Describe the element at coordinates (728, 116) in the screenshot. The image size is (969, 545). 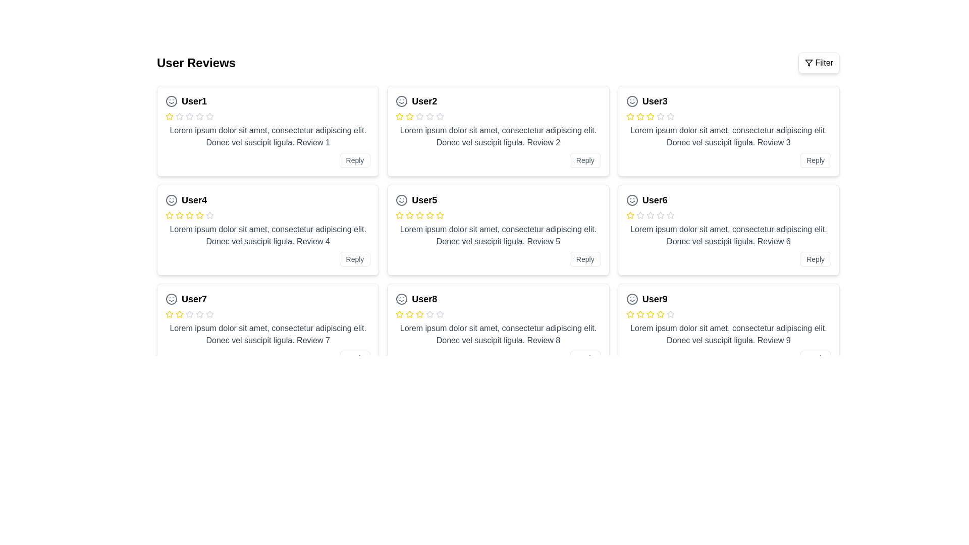
I see `the visual rating representation of the star icons in the rating indicator located within the review card for 'User3', positioned below the name 'User3'` at that location.